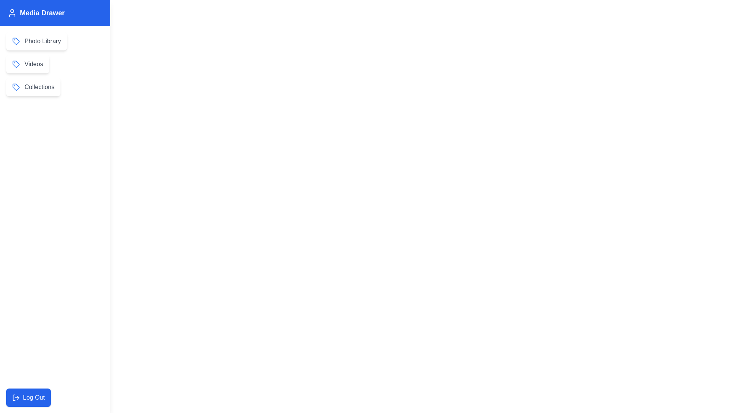 This screenshot has width=735, height=413. Describe the element at coordinates (28, 397) in the screenshot. I see `'Log Out' button to log out` at that location.